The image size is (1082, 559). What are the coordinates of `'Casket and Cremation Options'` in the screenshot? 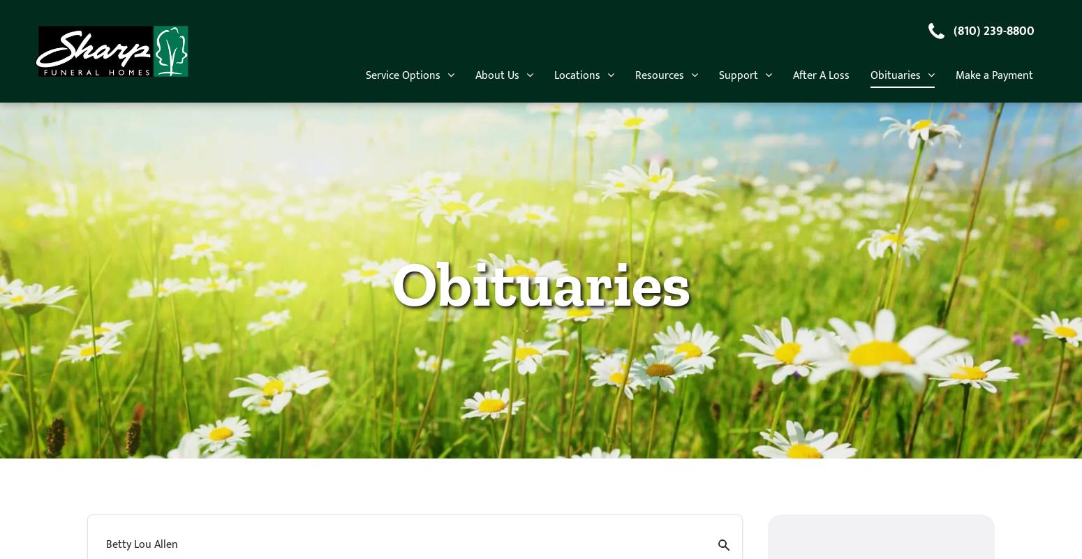 It's located at (556, 98).